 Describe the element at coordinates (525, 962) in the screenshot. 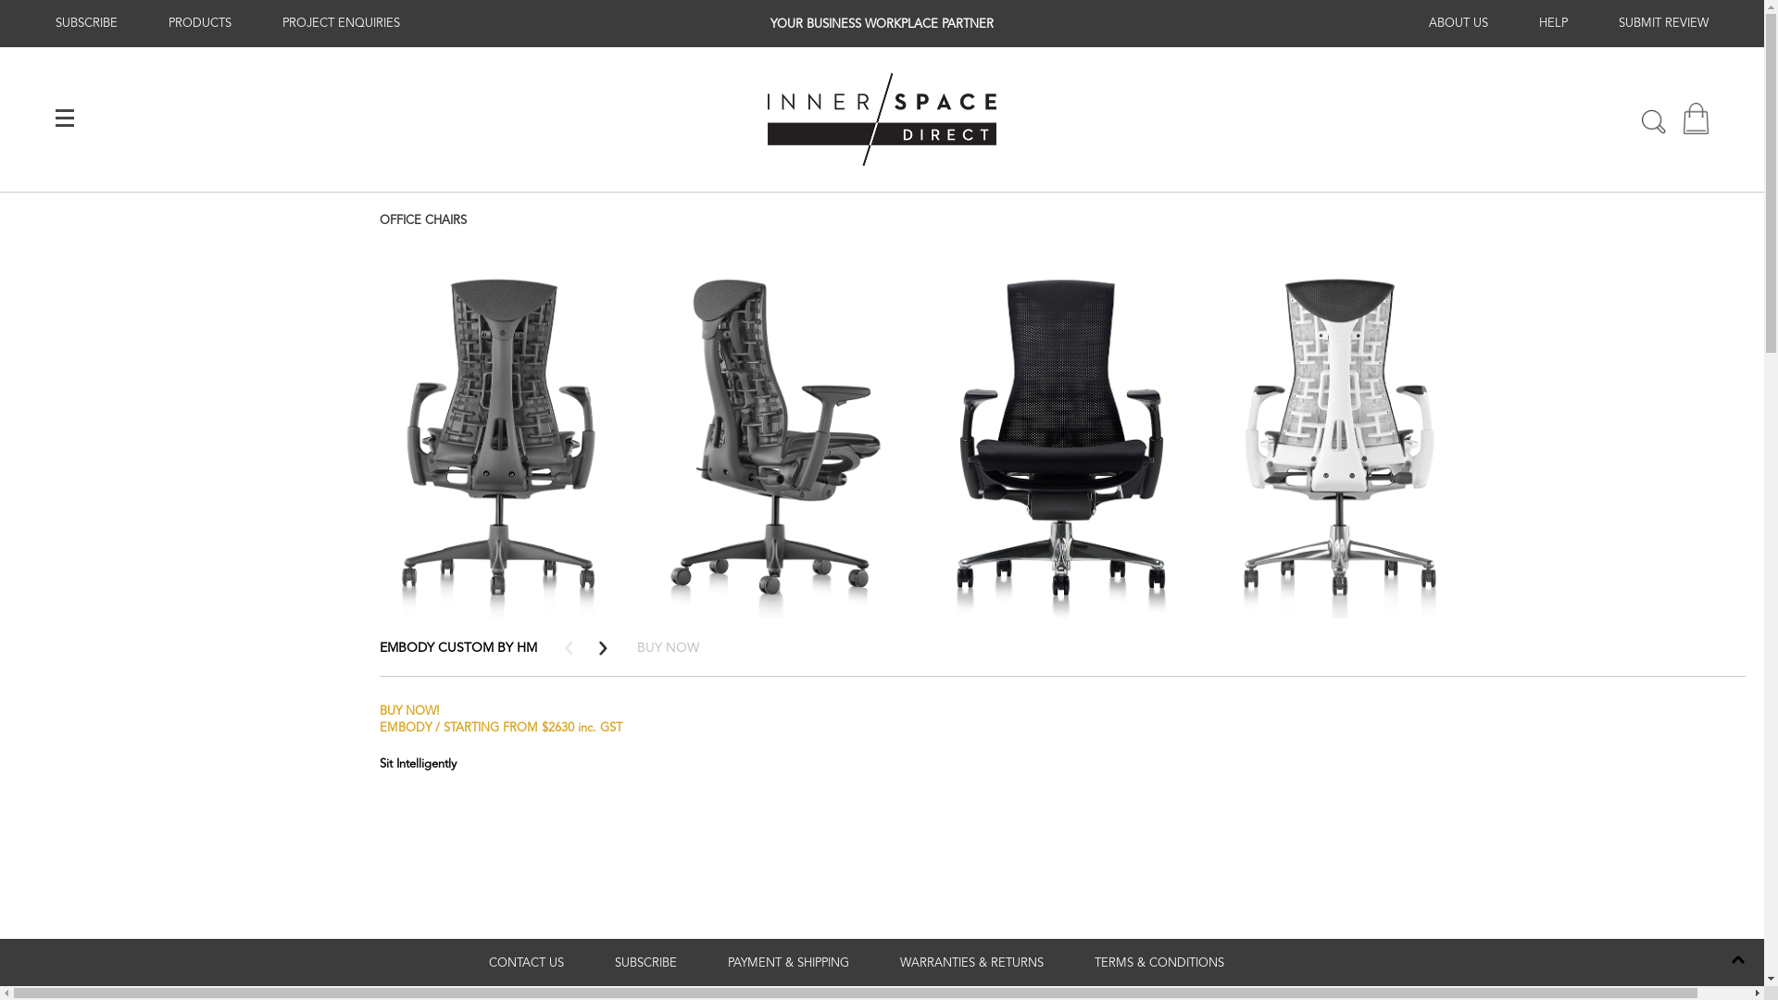

I see `'CONTACT US'` at that location.